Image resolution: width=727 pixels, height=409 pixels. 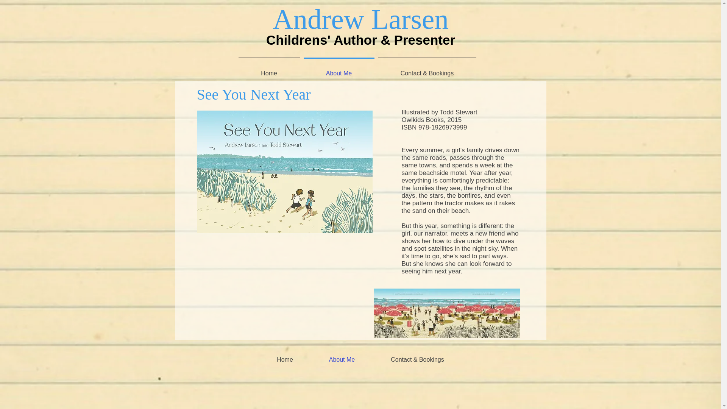 I want to click on 'Contact & Bookings', so click(x=417, y=359).